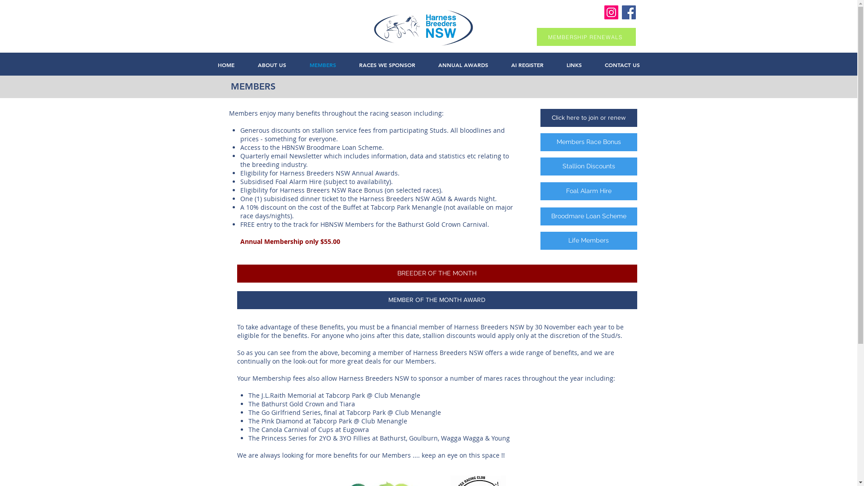 This screenshot has height=486, width=864. Describe the element at coordinates (226, 64) in the screenshot. I see `'HOME'` at that location.